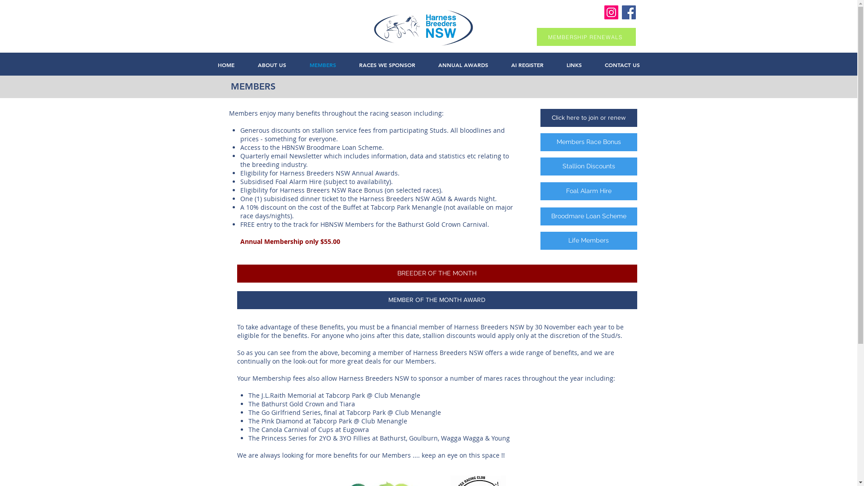 This screenshot has height=486, width=864. Describe the element at coordinates (226, 64) in the screenshot. I see `'HOME'` at that location.